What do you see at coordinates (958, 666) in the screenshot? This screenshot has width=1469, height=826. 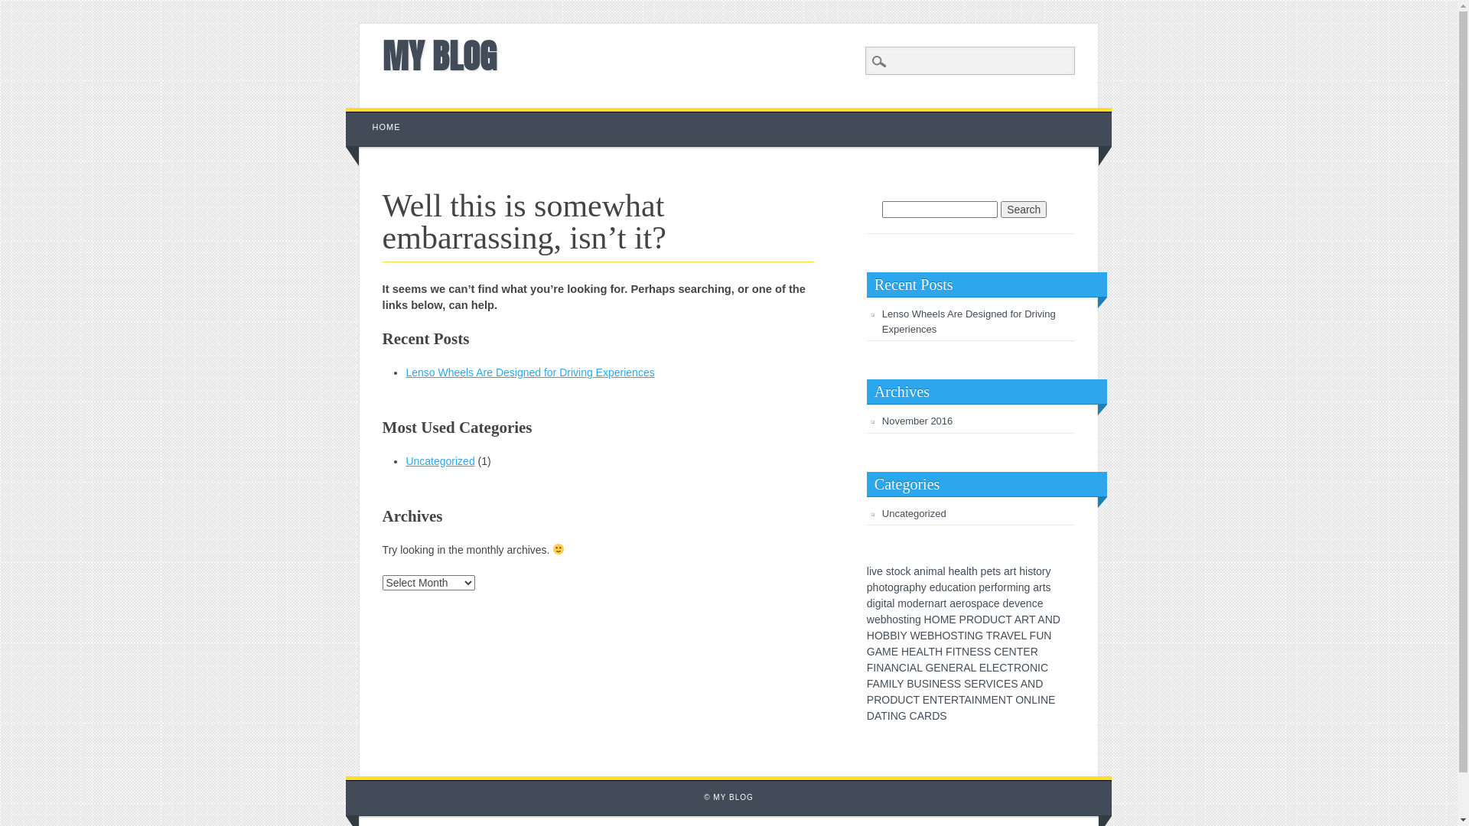 I see `'R'` at bounding box center [958, 666].